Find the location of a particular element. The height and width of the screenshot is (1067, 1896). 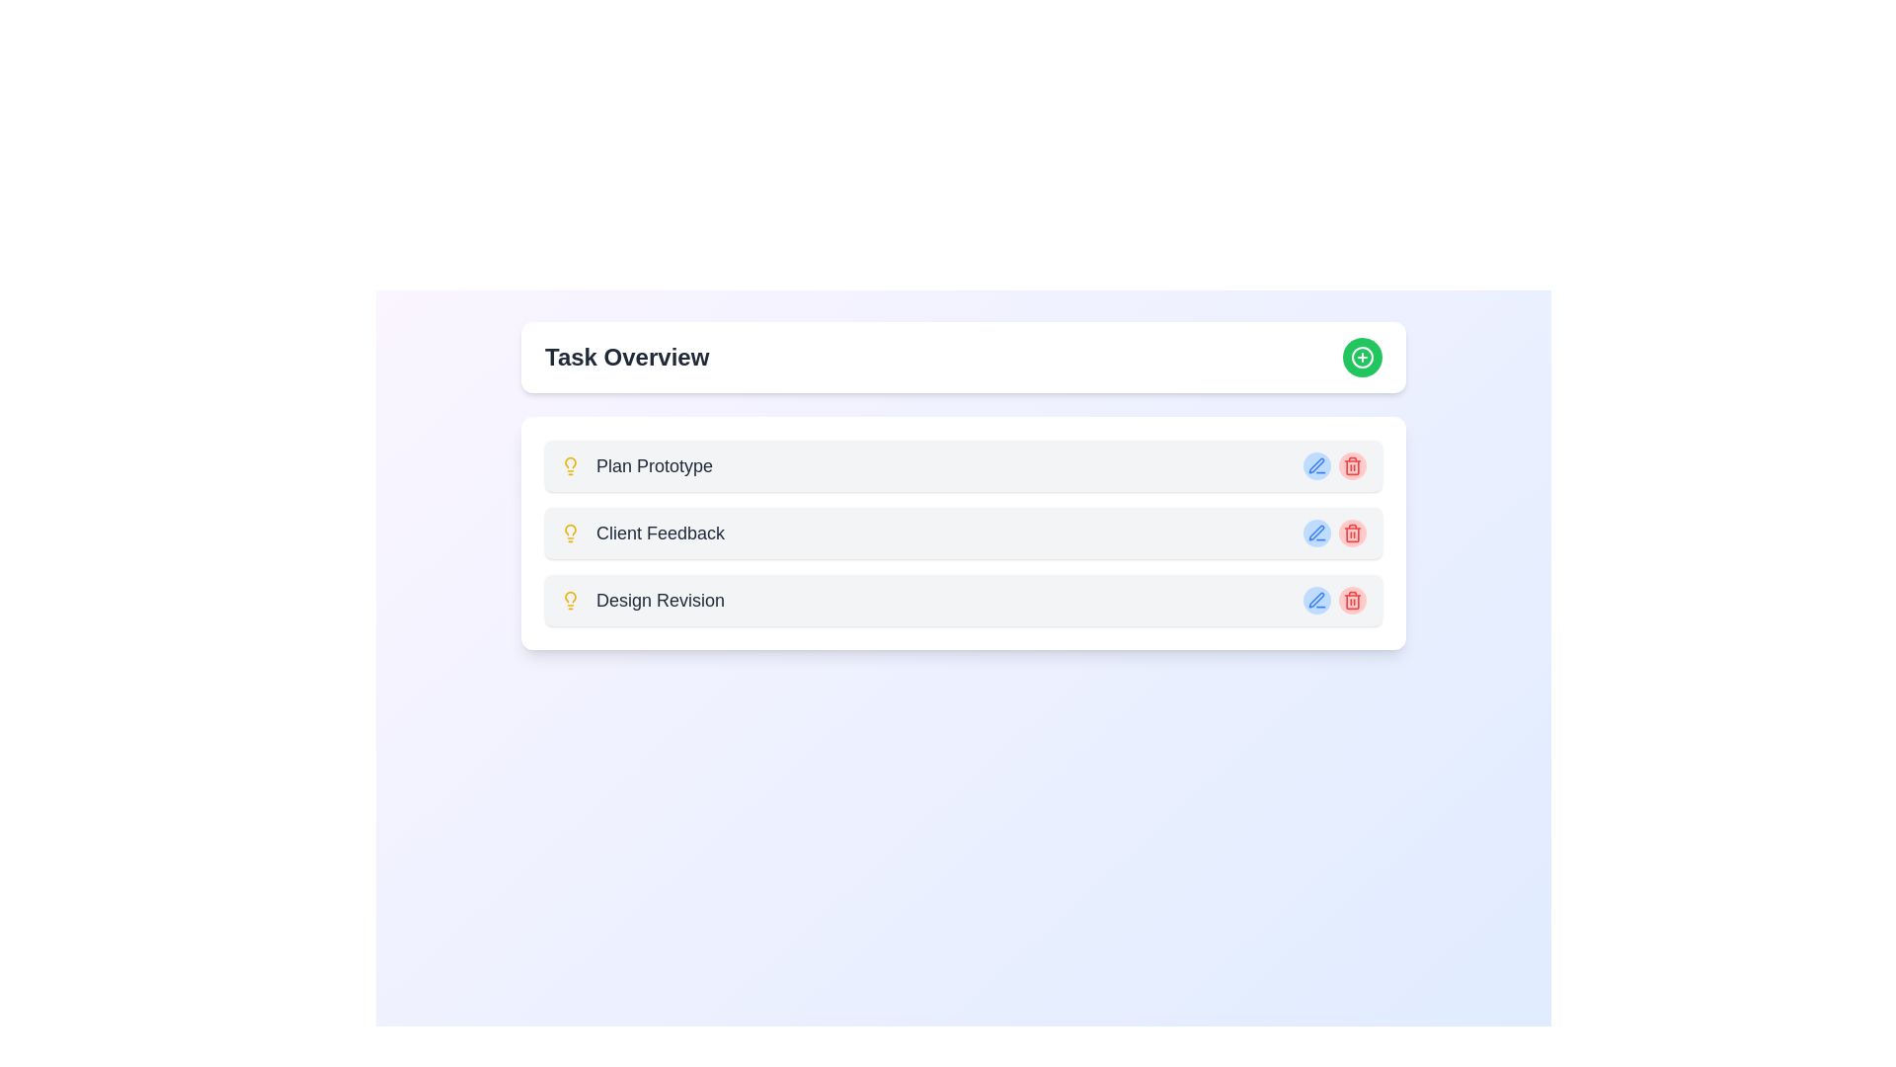

the composite UI component containing the pen and trash buttons located in the 'Client Feedback' row is located at coordinates (1335, 533).